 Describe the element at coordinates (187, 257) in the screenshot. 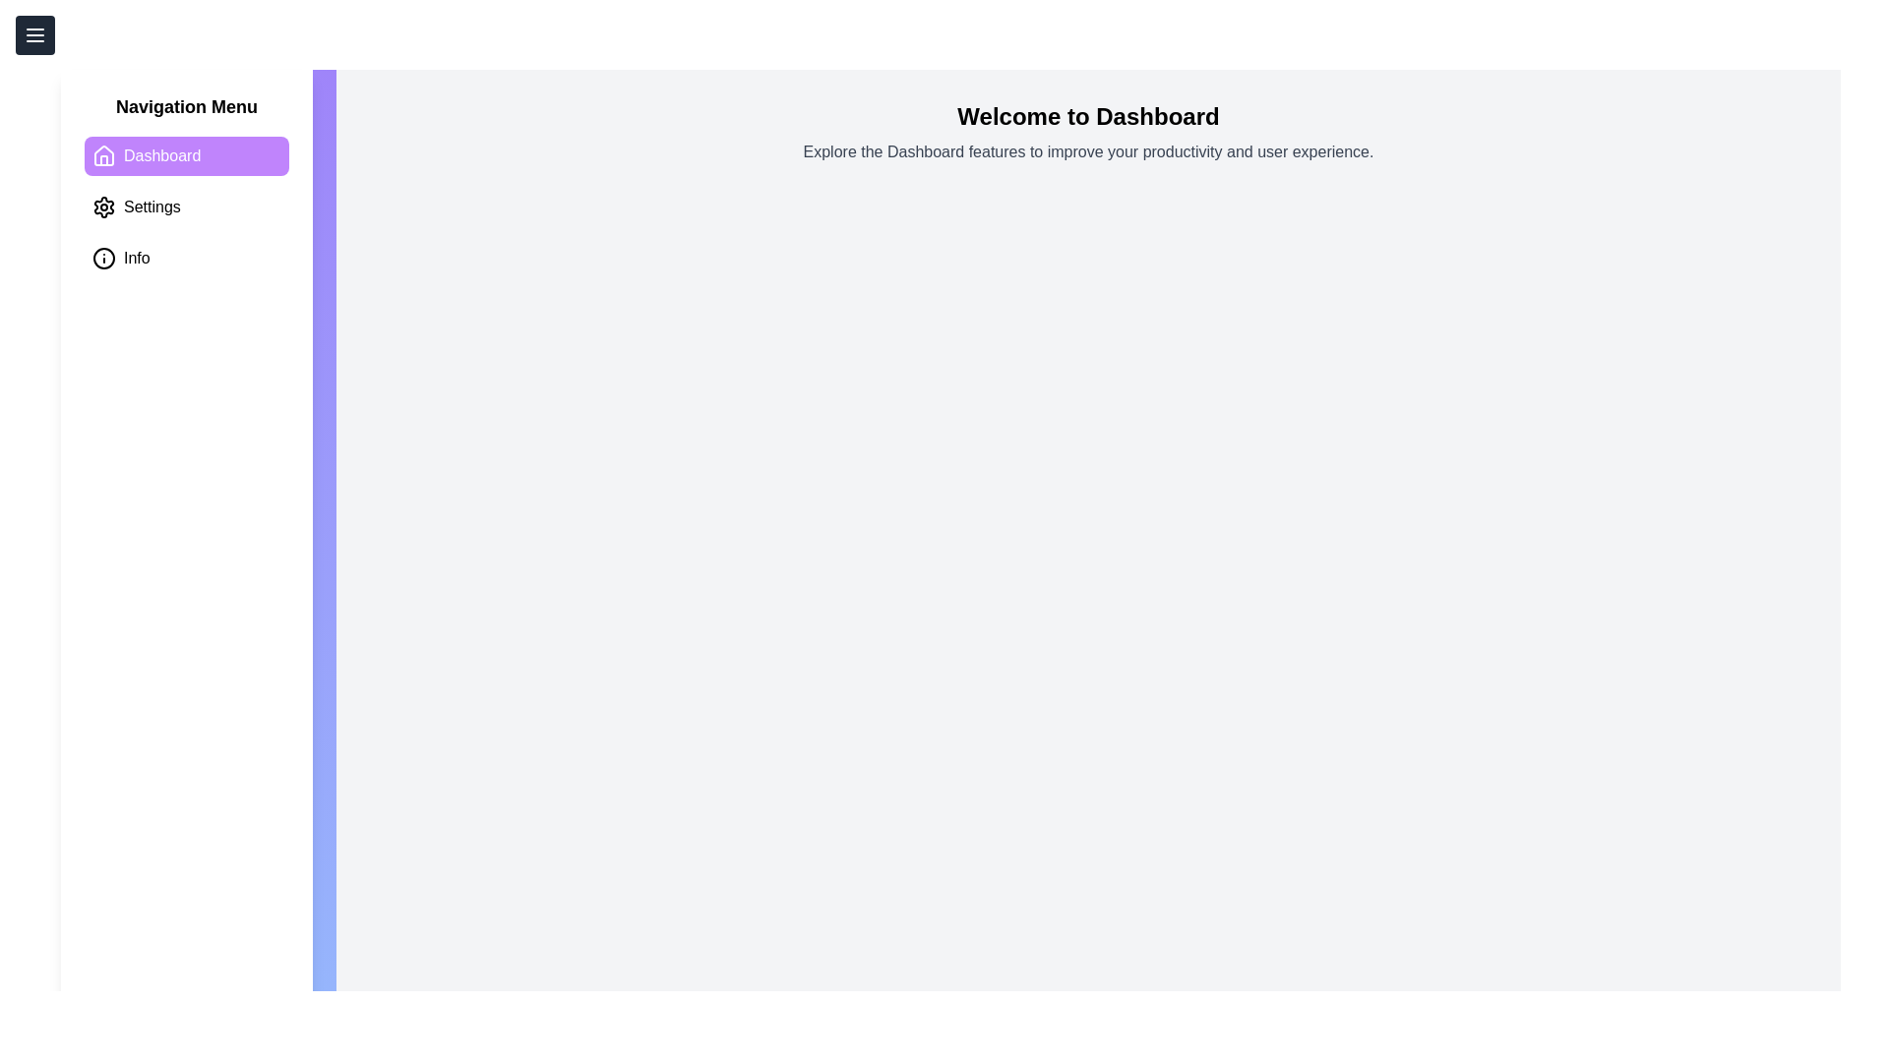

I see `the tab Info in the navigation menu` at that location.